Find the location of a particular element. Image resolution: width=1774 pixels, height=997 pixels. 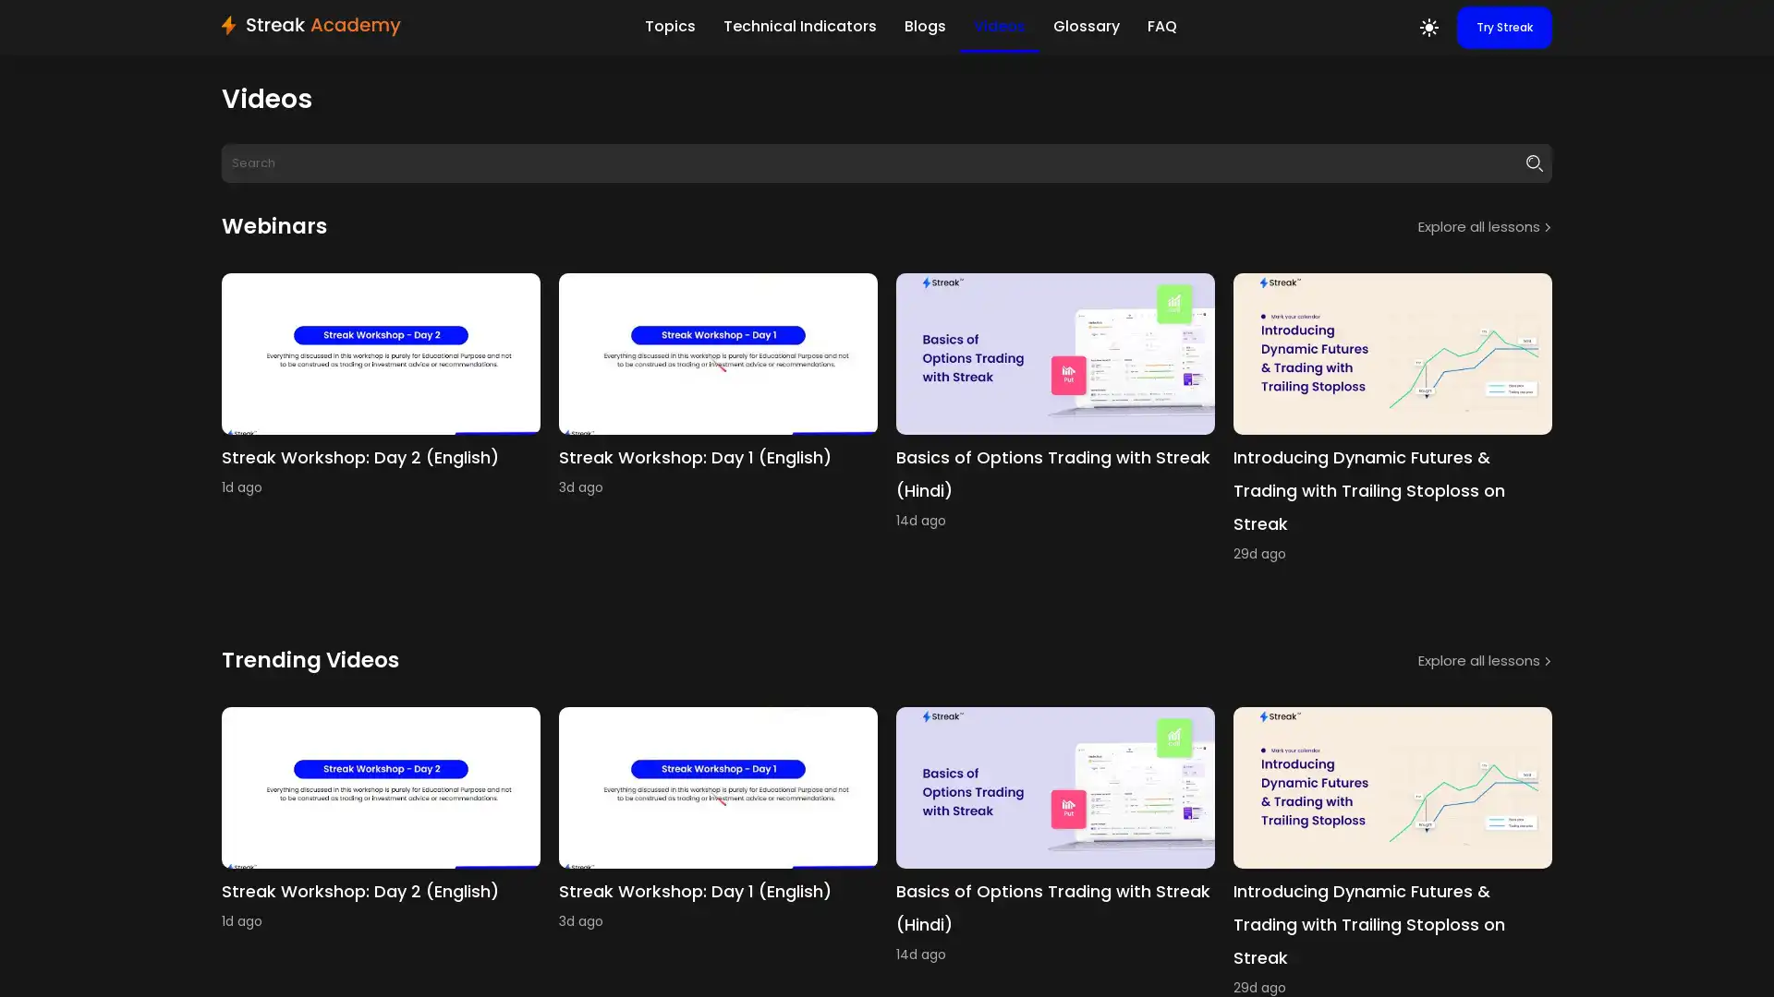

FAQ is located at coordinates (1160, 25).